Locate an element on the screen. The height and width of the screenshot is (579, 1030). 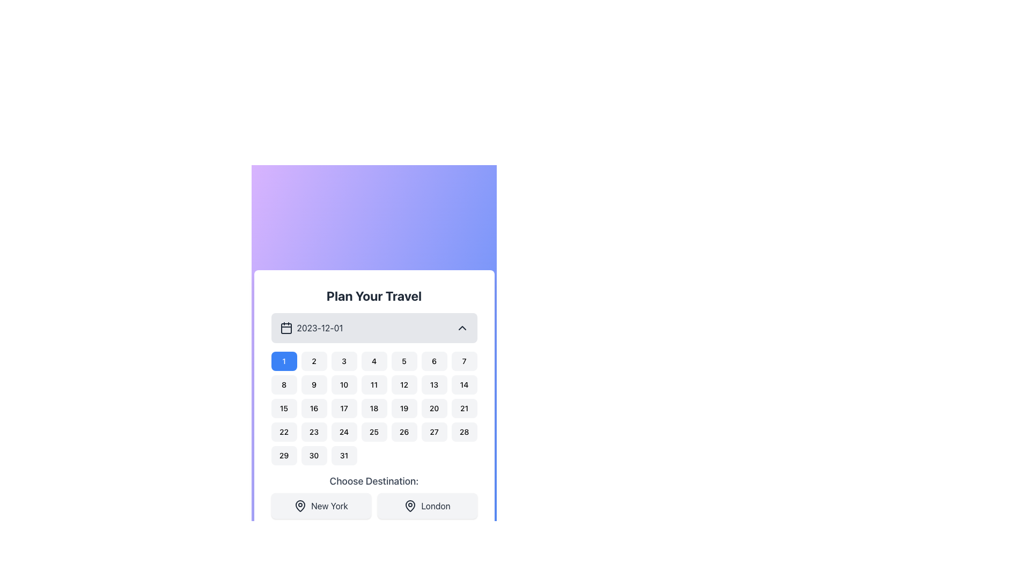
the button representing the 18th day of the month in the calendar interface is located at coordinates (374, 409).